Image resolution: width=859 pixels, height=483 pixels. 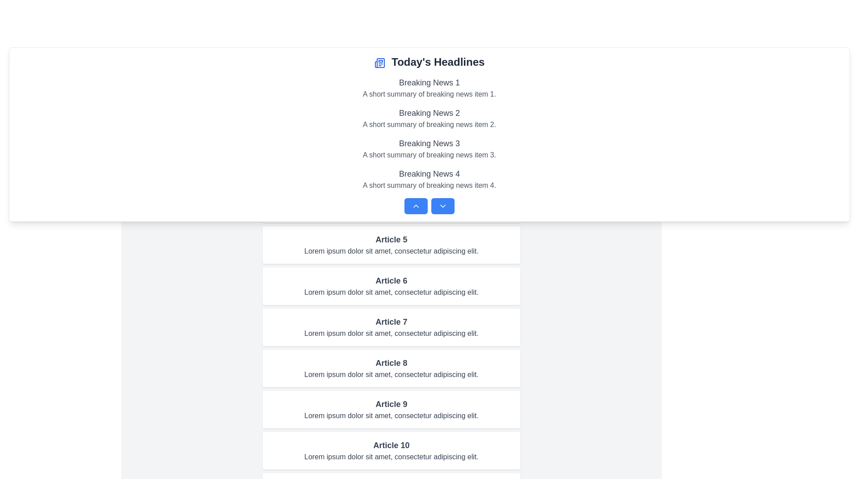 What do you see at coordinates (429, 143) in the screenshot?
I see `the text label displaying 'Breaking News 3', which is styled with a larger font size and medium-bold weight in gray color, located under 'Today's Headlines'` at bounding box center [429, 143].